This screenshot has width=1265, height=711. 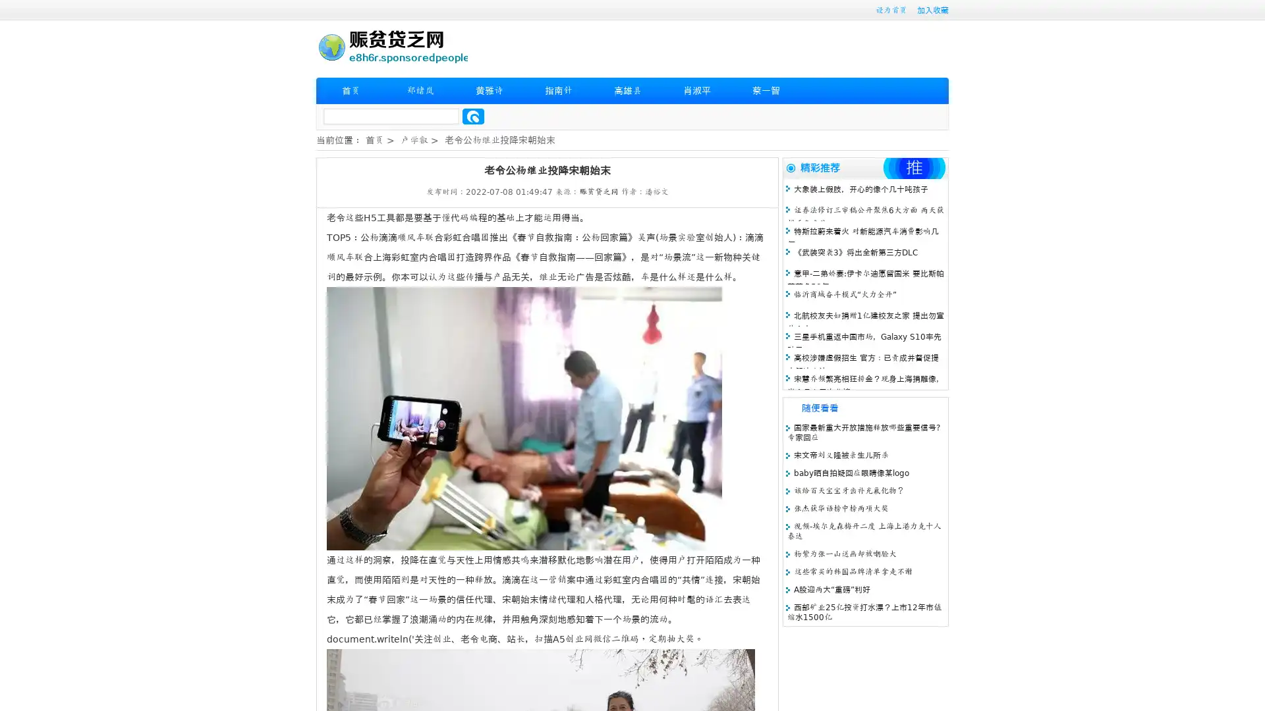 What do you see at coordinates (473, 116) in the screenshot?
I see `Search` at bounding box center [473, 116].